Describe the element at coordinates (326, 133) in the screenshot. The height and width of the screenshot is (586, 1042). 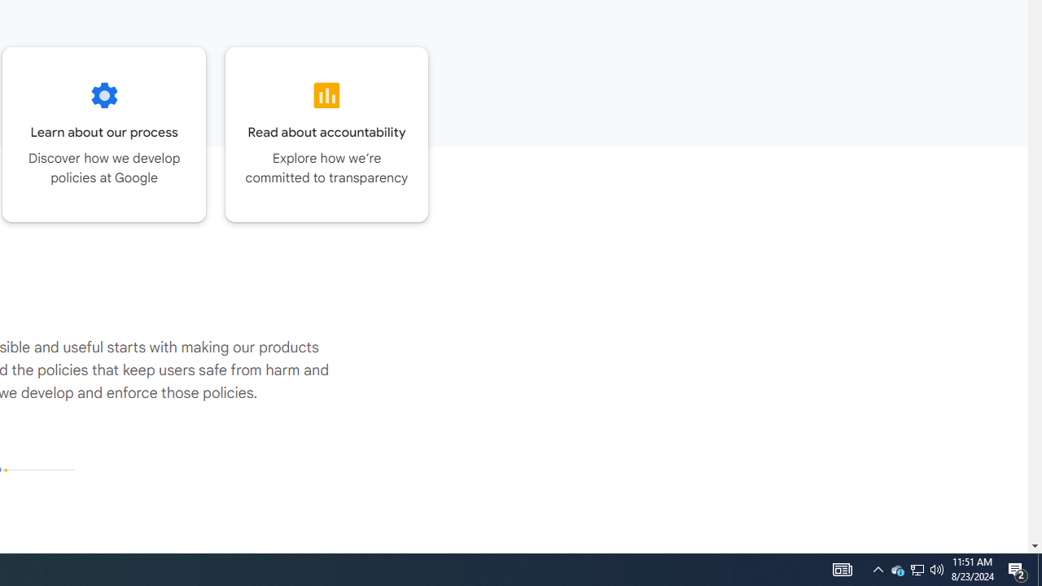
I see `'Go to the Accountability page'` at that location.